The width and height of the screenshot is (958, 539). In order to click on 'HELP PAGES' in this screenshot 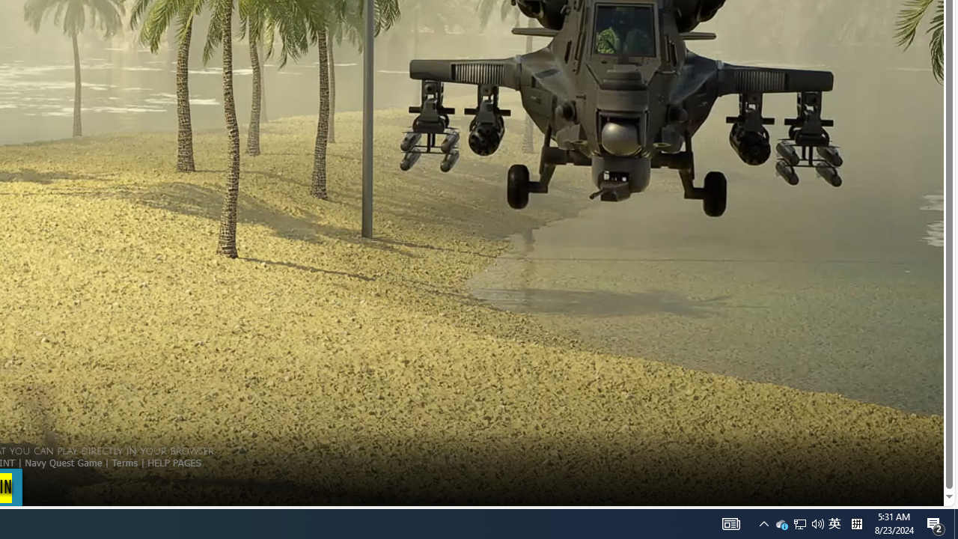, I will do `click(174, 461)`.